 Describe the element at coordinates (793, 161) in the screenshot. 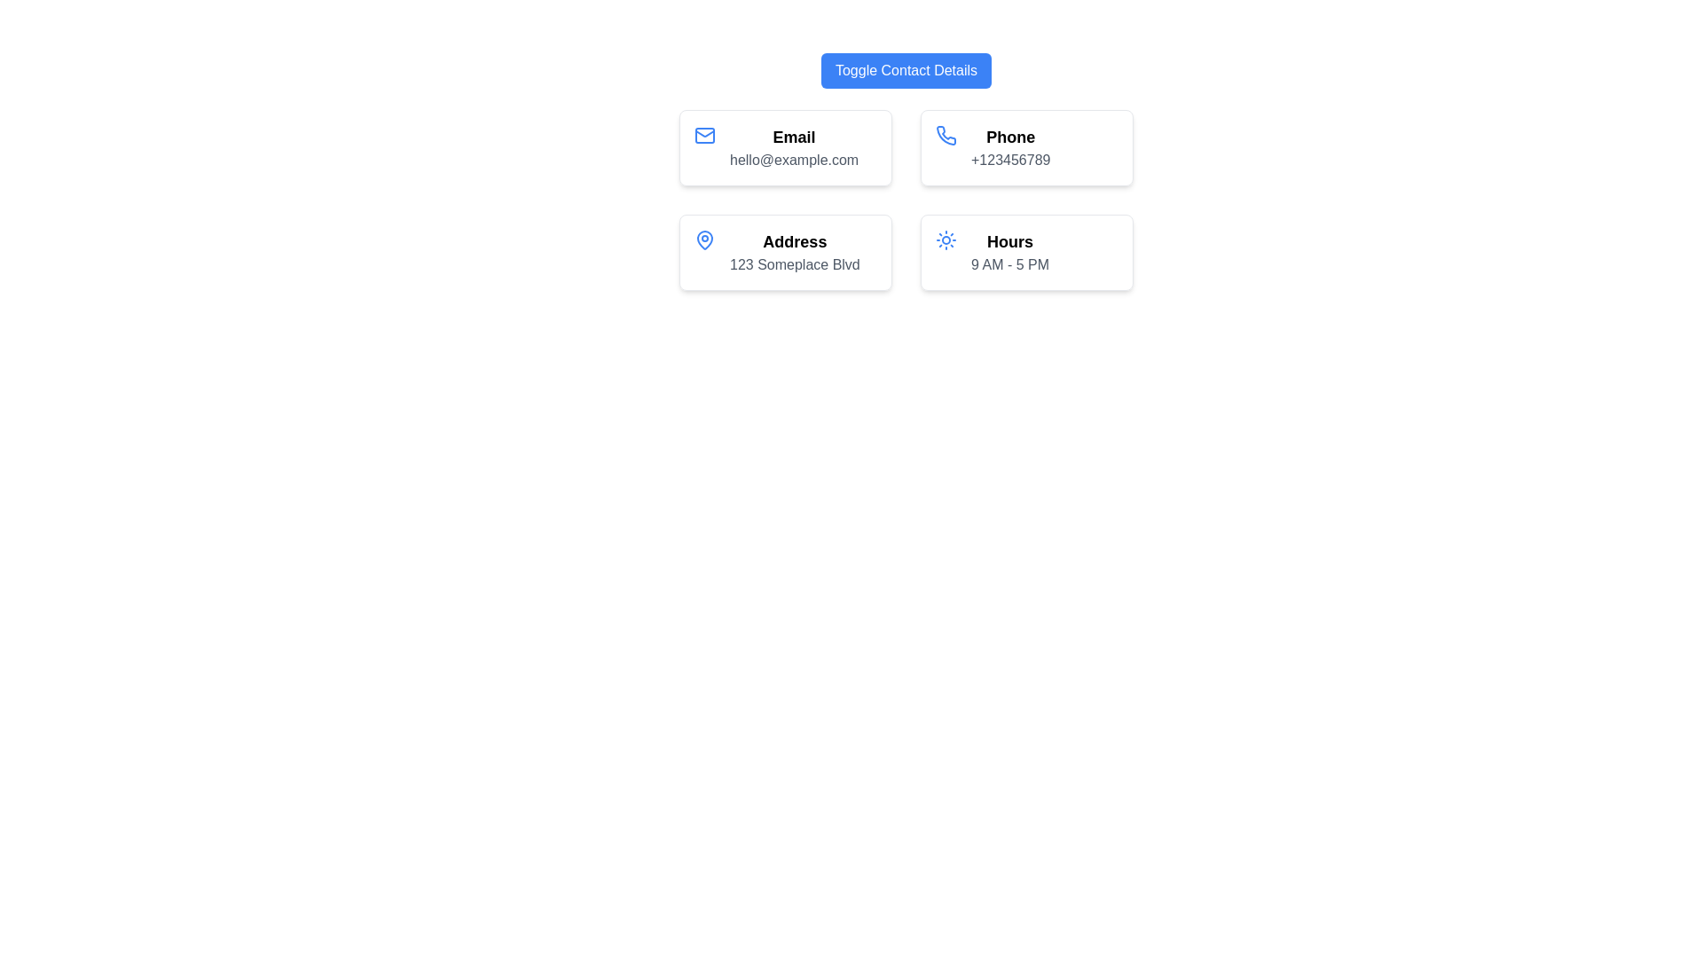

I see `the email address text label, which is styled with gray text and located below the bold 'Email' label in a card containing contact details` at that location.